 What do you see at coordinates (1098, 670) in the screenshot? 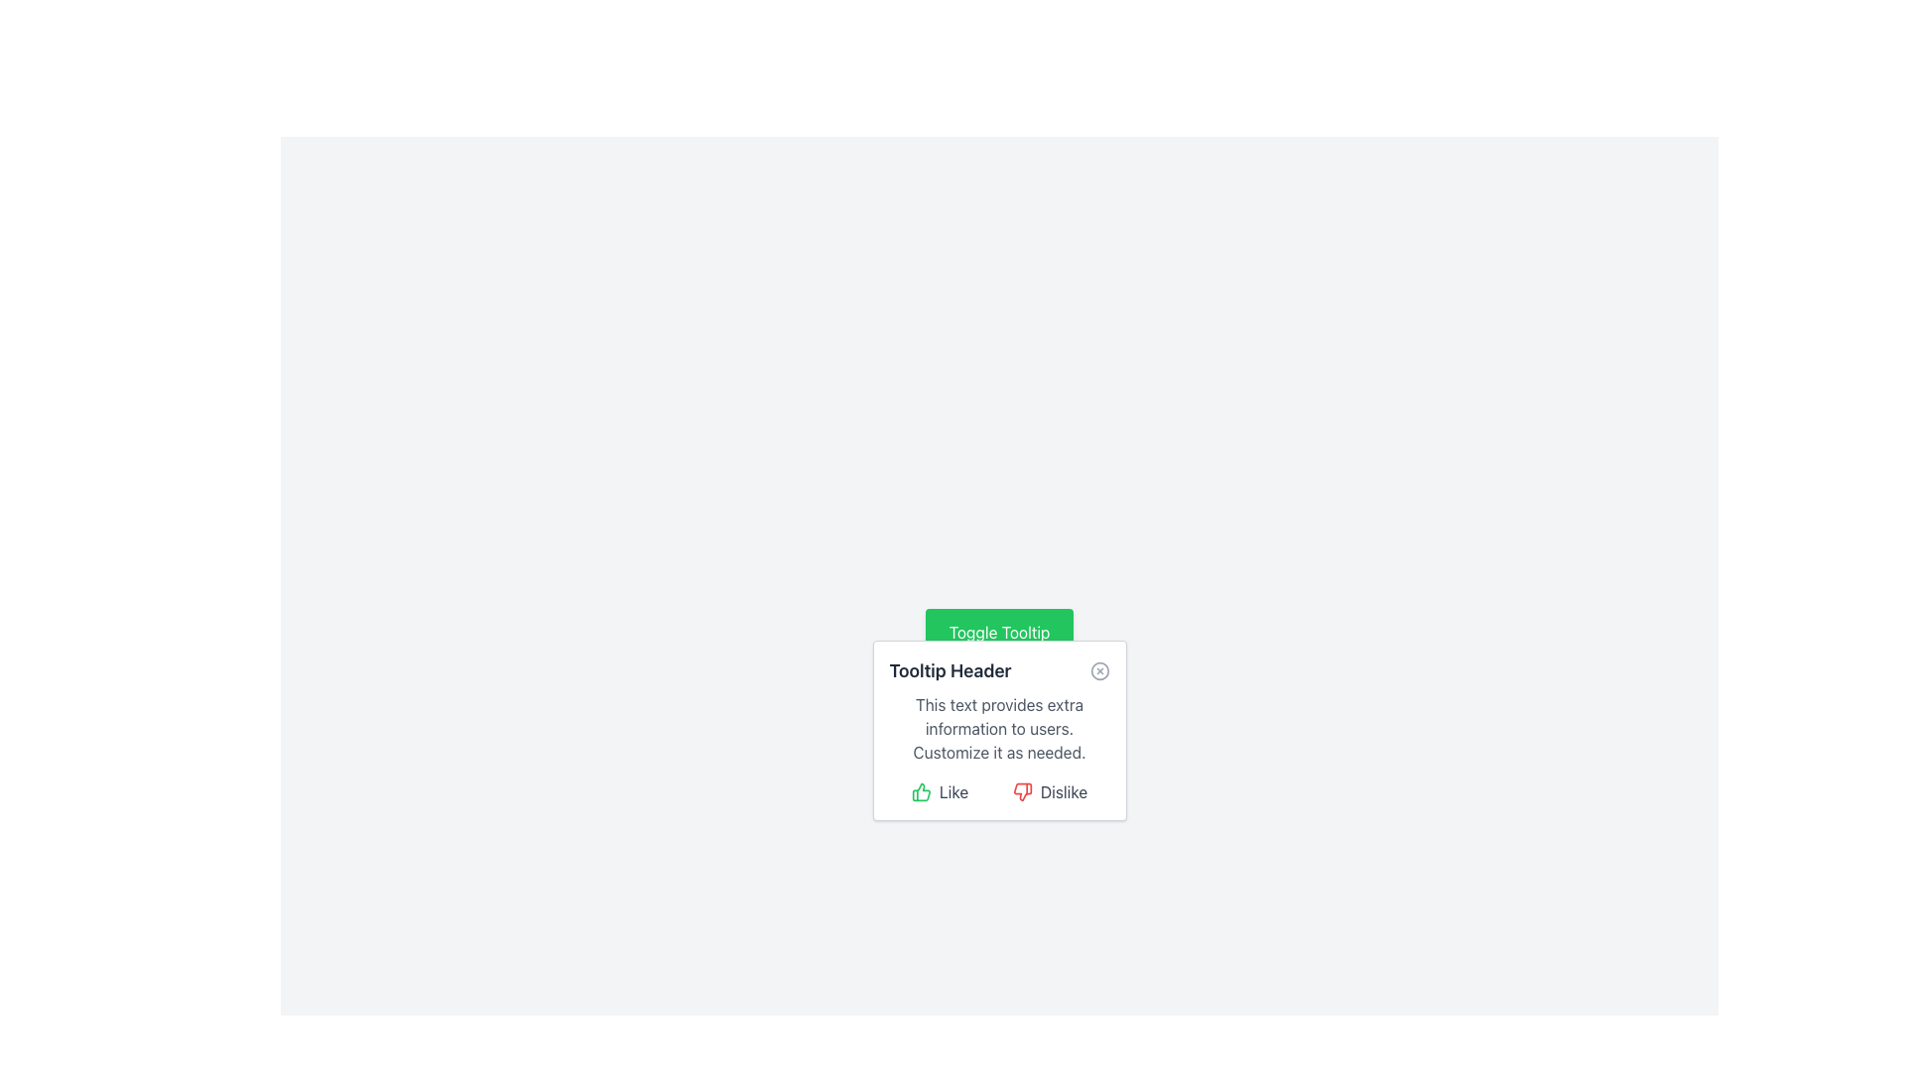
I see `the circular graphic within the close icon located in the top right corner of the tooltip header` at bounding box center [1098, 670].